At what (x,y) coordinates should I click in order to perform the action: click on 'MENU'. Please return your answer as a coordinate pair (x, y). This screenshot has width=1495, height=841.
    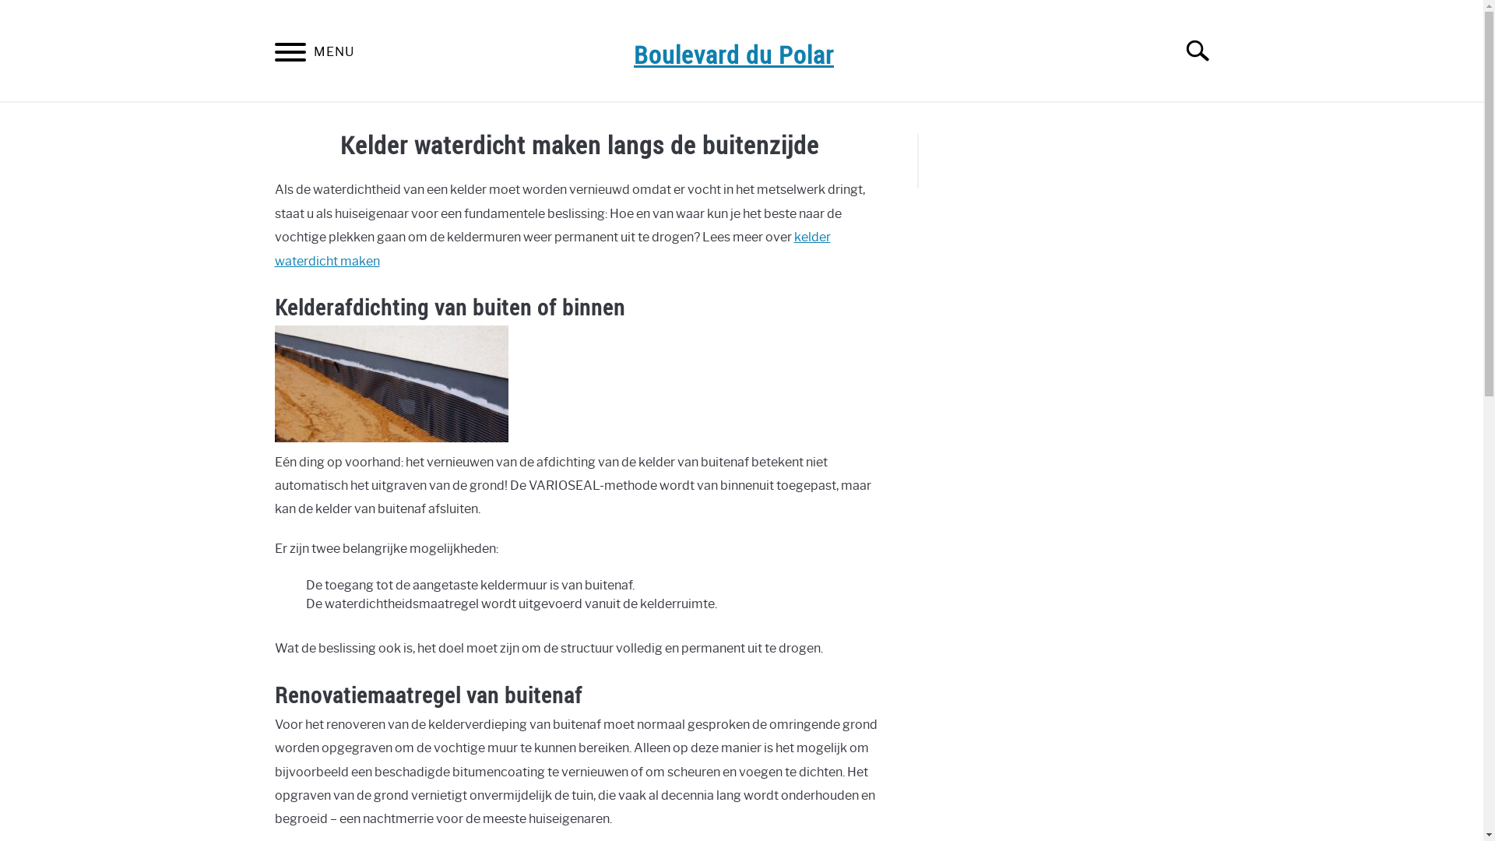
    Looking at the image, I should click on (289, 54).